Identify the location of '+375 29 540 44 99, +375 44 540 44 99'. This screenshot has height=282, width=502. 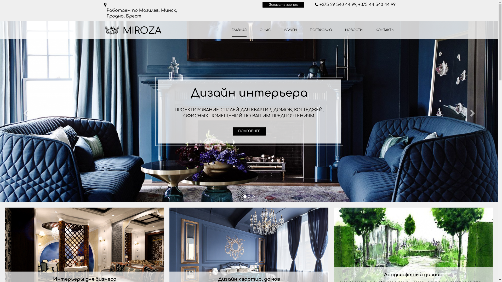
(355, 5).